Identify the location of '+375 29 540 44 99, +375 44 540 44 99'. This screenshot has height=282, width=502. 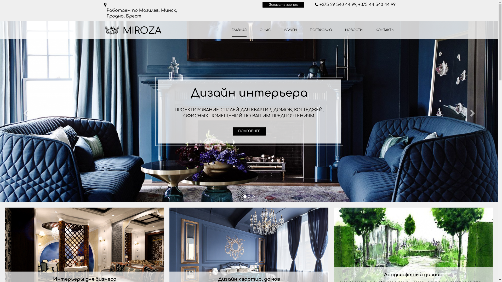
(355, 5).